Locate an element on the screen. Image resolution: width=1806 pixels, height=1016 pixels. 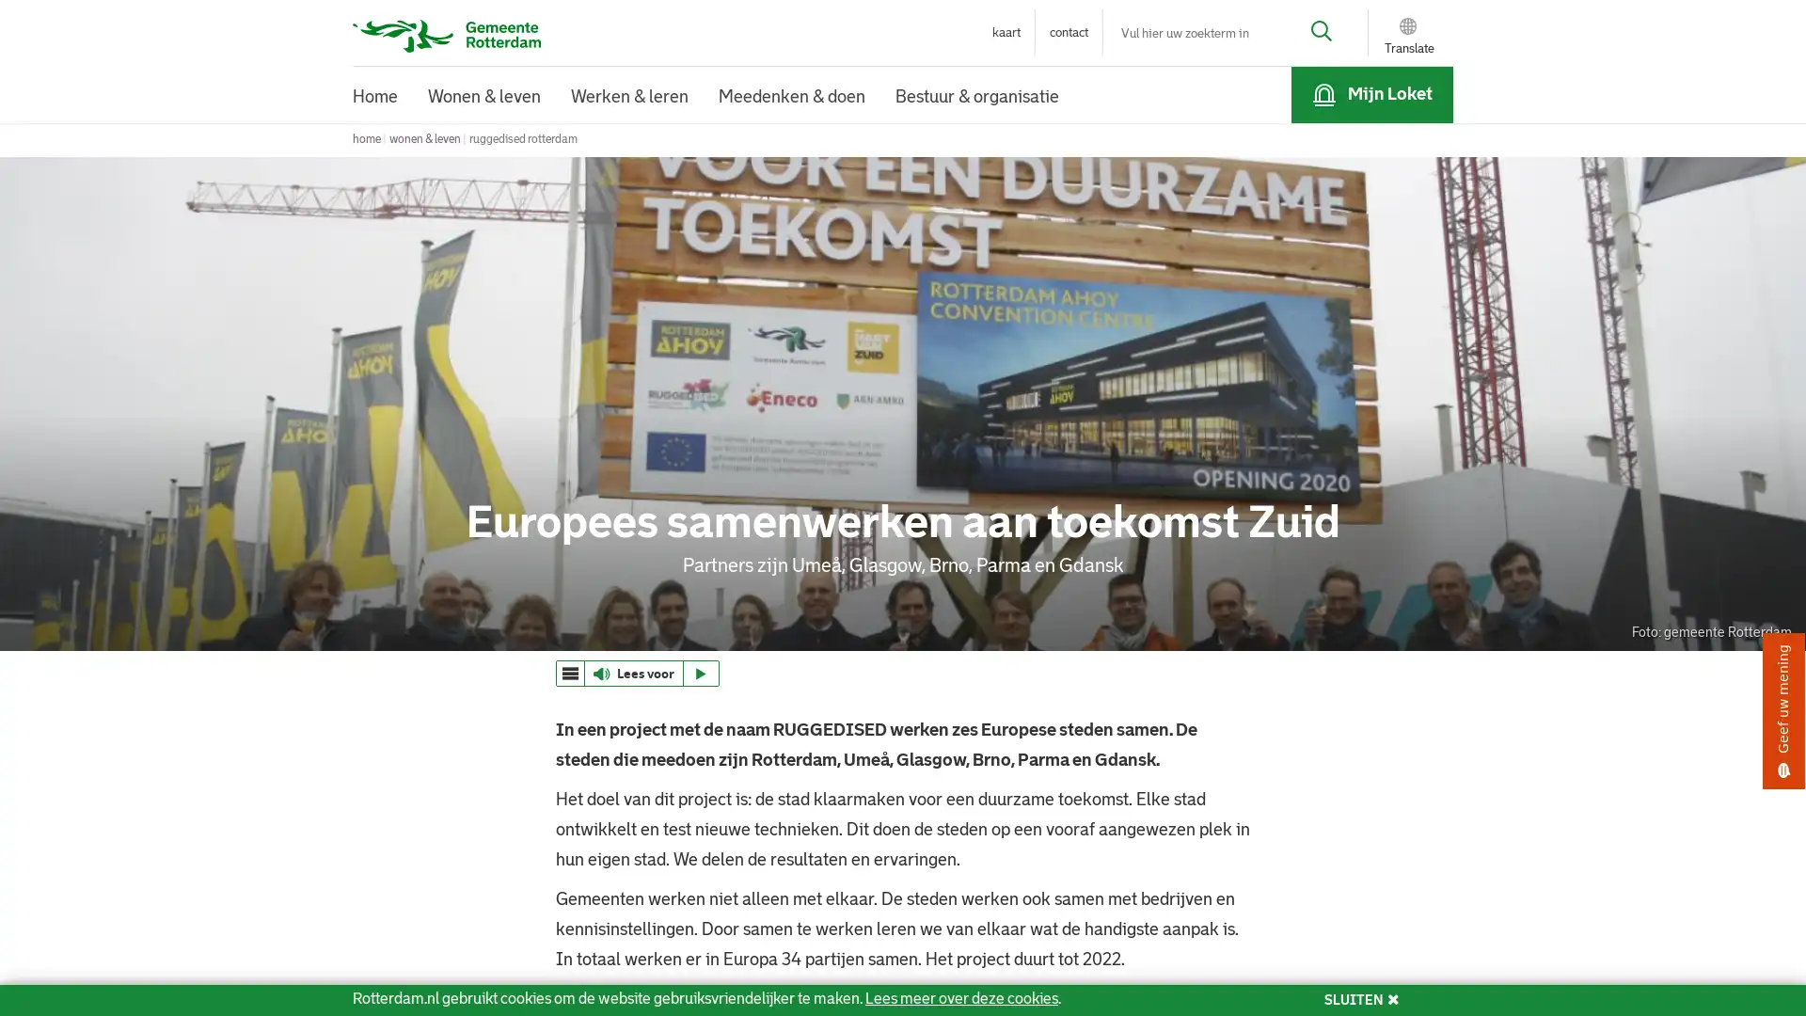
ReadSpeaker webReader: Luister met webReader is located at coordinates (637, 673).